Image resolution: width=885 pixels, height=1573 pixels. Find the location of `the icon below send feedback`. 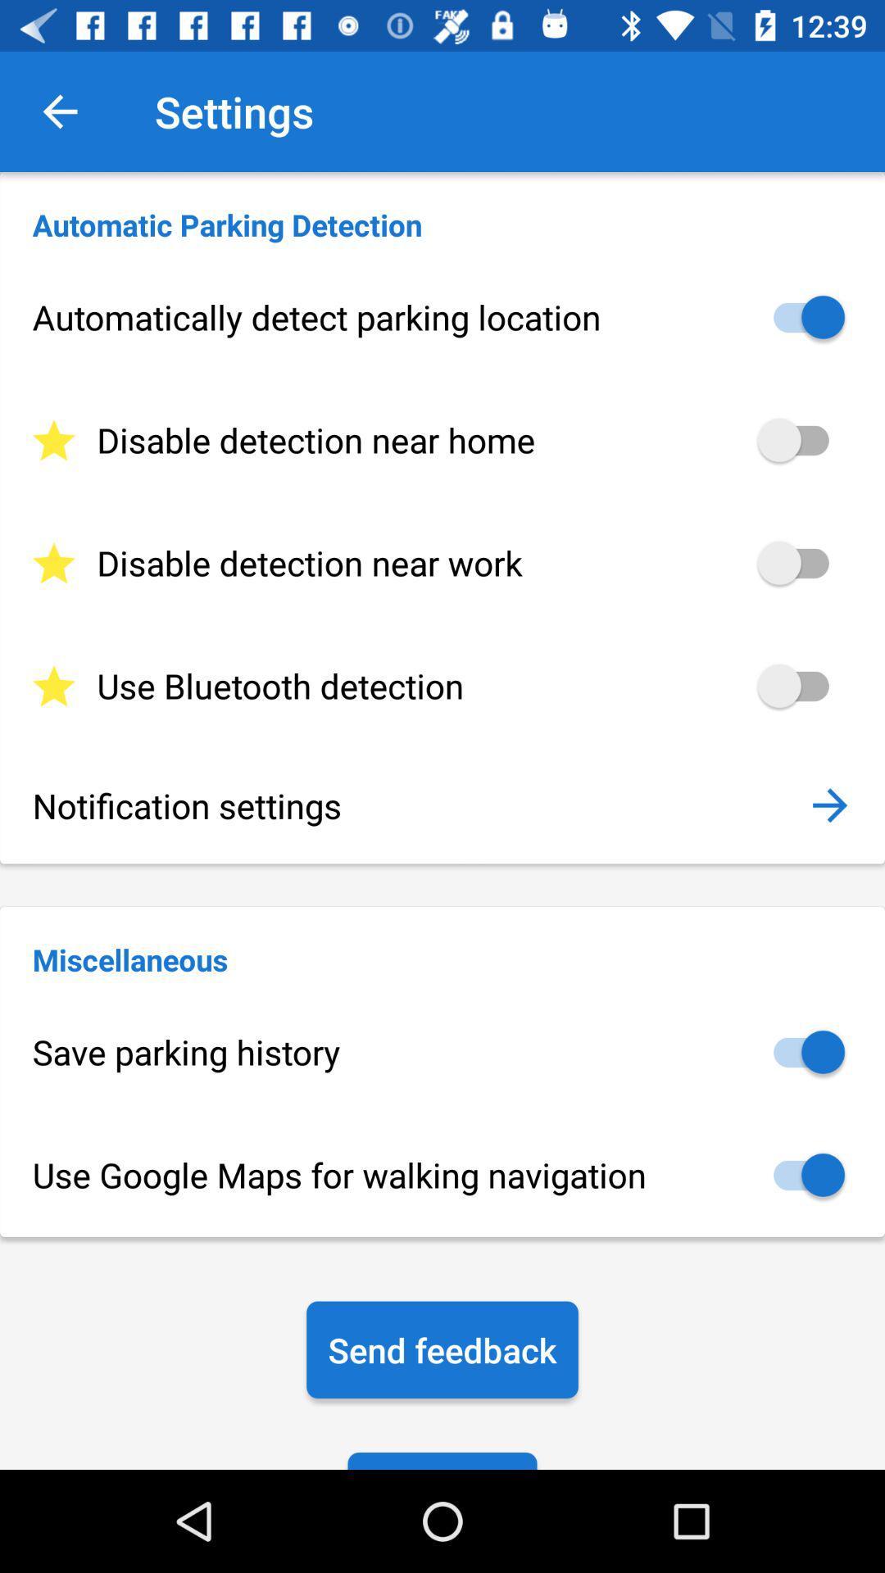

the icon below send feedback is located at coordinates (442, 1461).